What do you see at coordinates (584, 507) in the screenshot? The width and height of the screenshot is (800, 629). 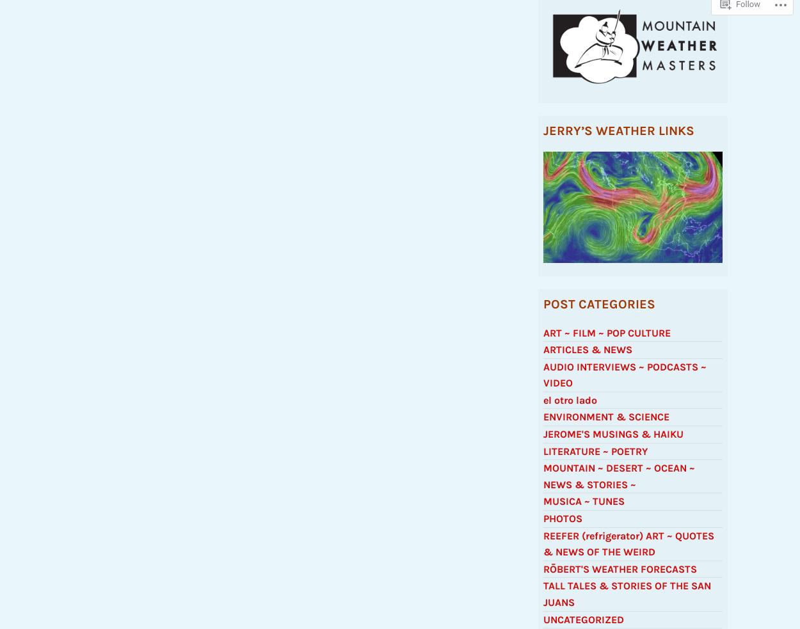 I see `'MUSICA ~ TUNES'` at bounding box center [584, 507].